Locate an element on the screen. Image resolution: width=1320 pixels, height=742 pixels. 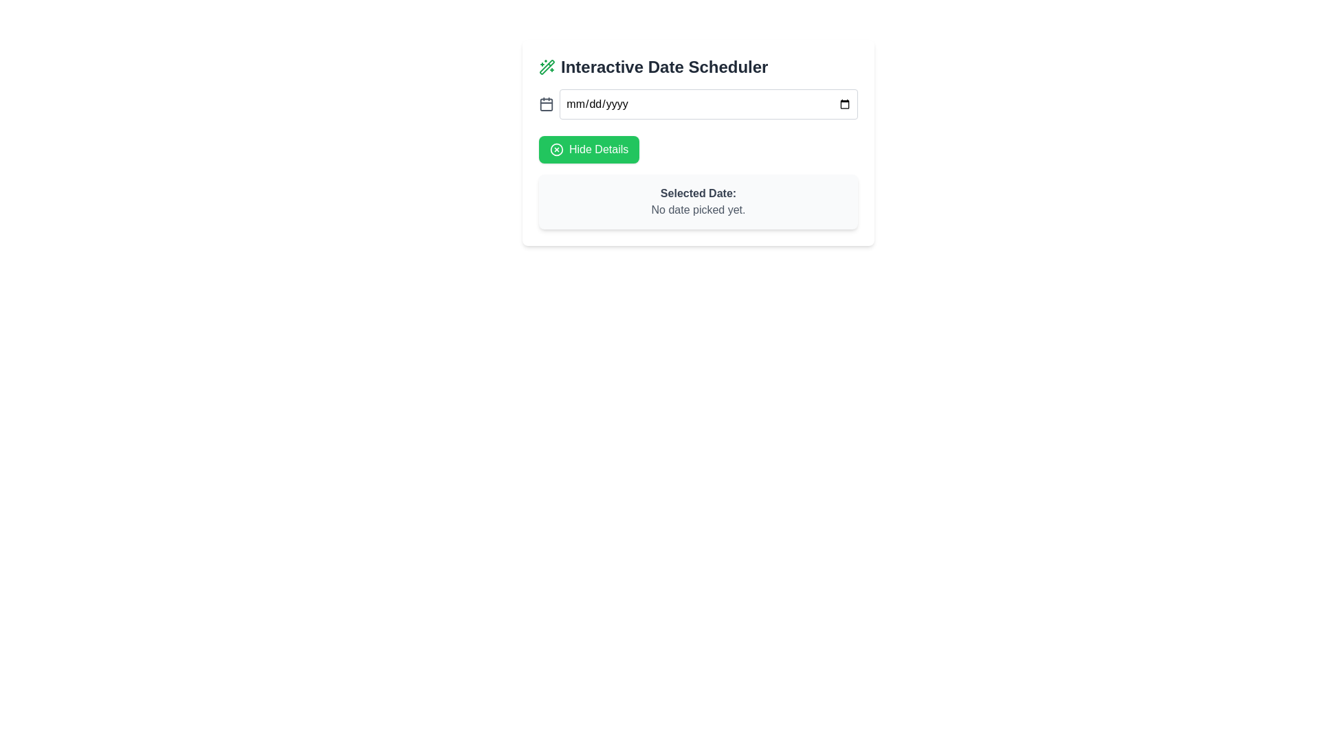
the delete or close icon centered within the green 'Hide Details' button is located at coordinates (557, 150).